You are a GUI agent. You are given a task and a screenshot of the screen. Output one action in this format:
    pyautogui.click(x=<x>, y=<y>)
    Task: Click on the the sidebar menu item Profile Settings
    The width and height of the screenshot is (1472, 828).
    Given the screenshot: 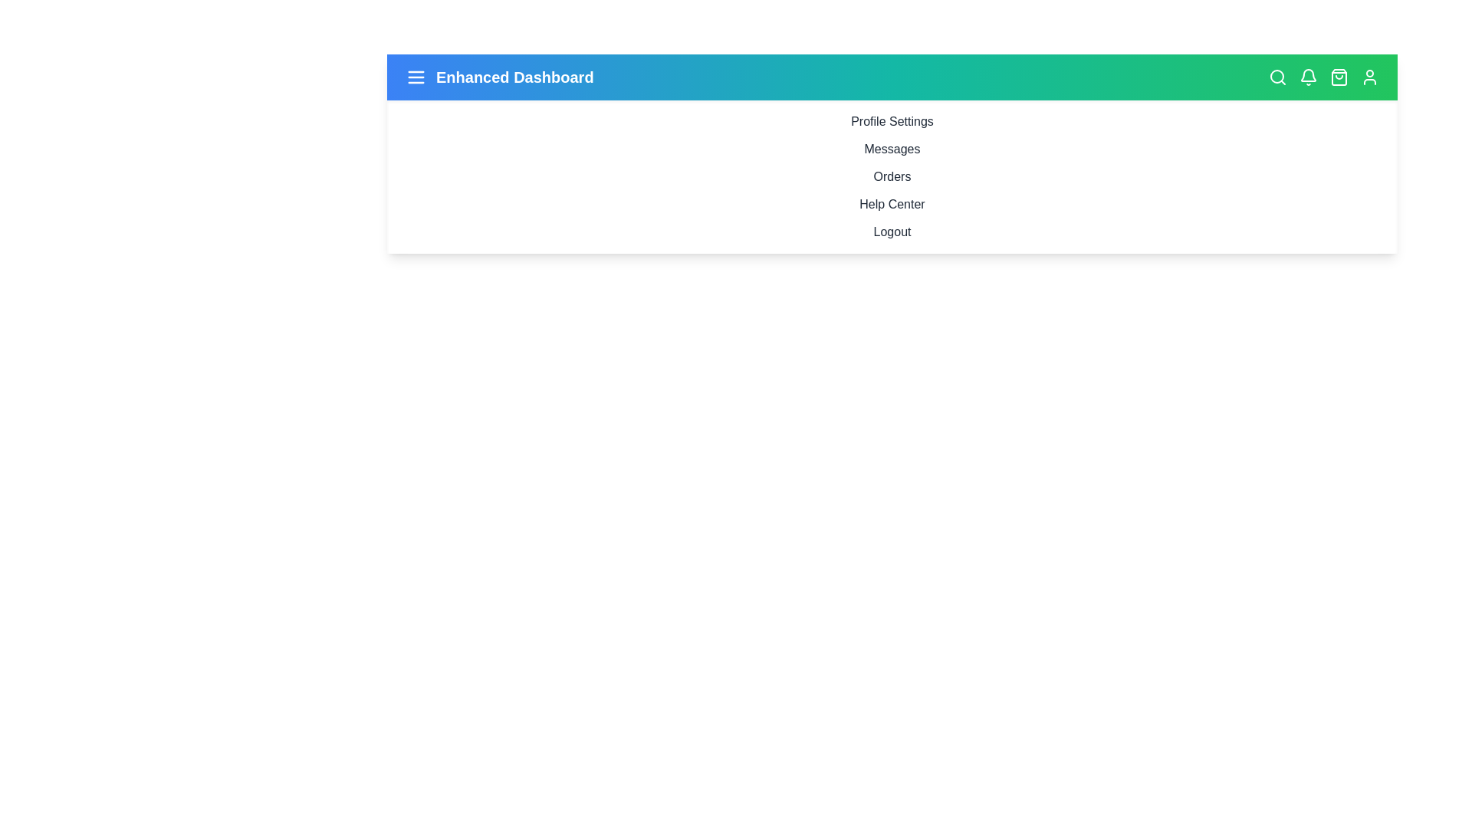 What is the action you would take?
    pyautogui.click(x=892, y=120)
    